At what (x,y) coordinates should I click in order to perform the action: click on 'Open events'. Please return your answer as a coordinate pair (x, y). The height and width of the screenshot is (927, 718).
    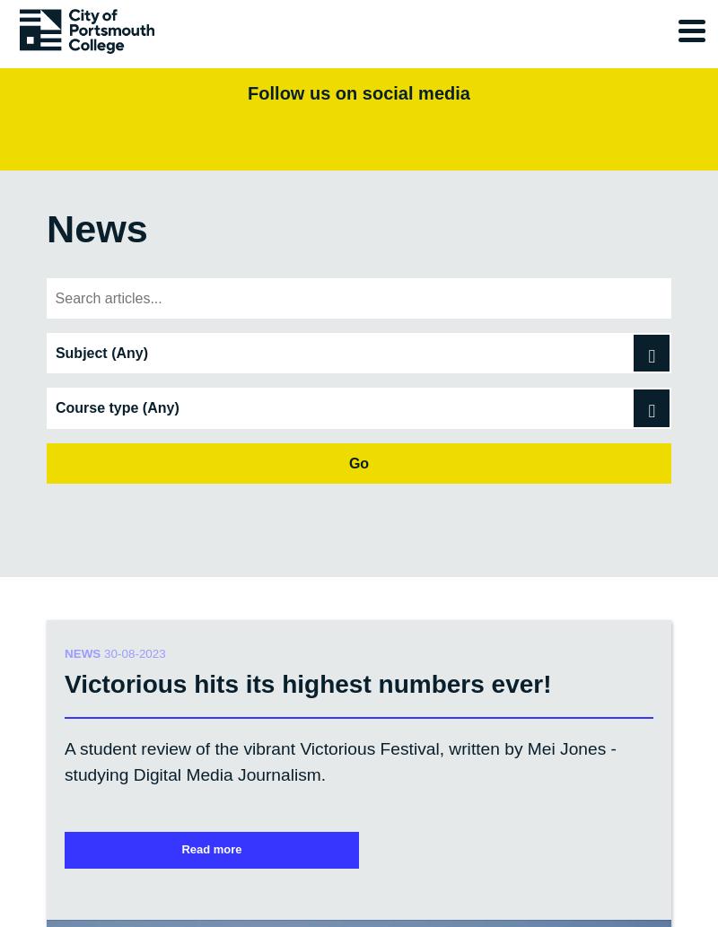
    Looking at the image, I should click on (60, 912).